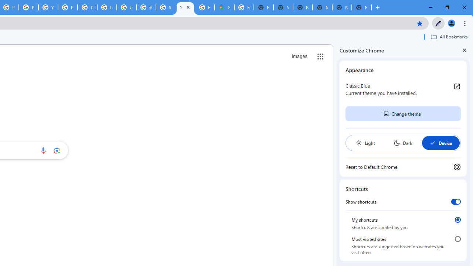 This screenshot has height=266, width=473. Describe the element at coordinates (402, 114) in the screenshot. I see `'Change theme'` at that location.